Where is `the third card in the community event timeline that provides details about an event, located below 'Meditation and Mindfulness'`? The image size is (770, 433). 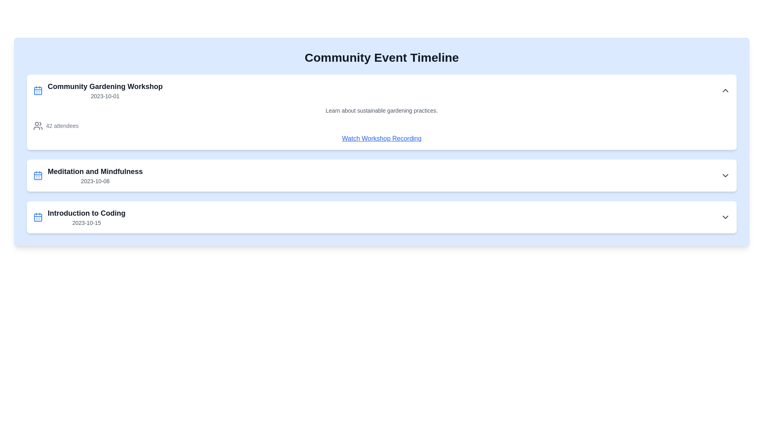 the third card in the community event timeline that provides details about an event, located below 'Meditation and Mindfulness' is located at coordinates (381, 217).